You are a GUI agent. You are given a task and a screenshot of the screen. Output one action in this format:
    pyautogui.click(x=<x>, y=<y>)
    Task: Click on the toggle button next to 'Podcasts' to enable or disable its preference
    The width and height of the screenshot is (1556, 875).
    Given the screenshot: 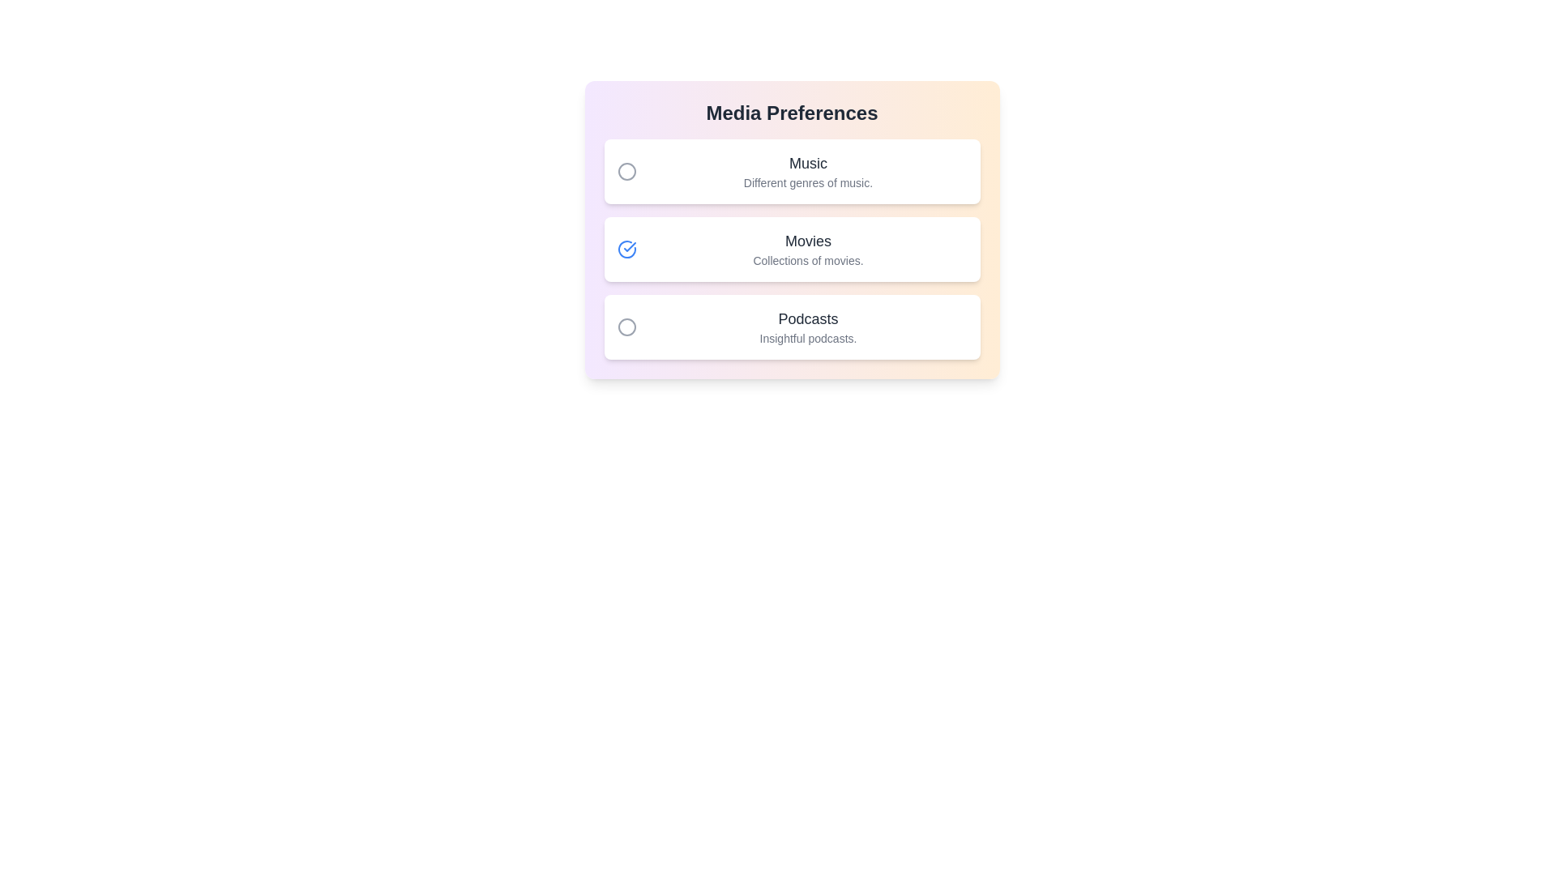 What is the action you would take?
    pyautogui.click(x=626, y=327)
    